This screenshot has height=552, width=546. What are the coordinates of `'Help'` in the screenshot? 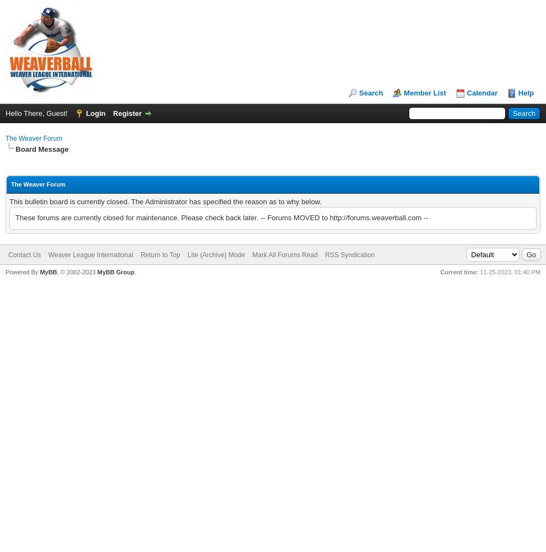 It's located at (517, 93).